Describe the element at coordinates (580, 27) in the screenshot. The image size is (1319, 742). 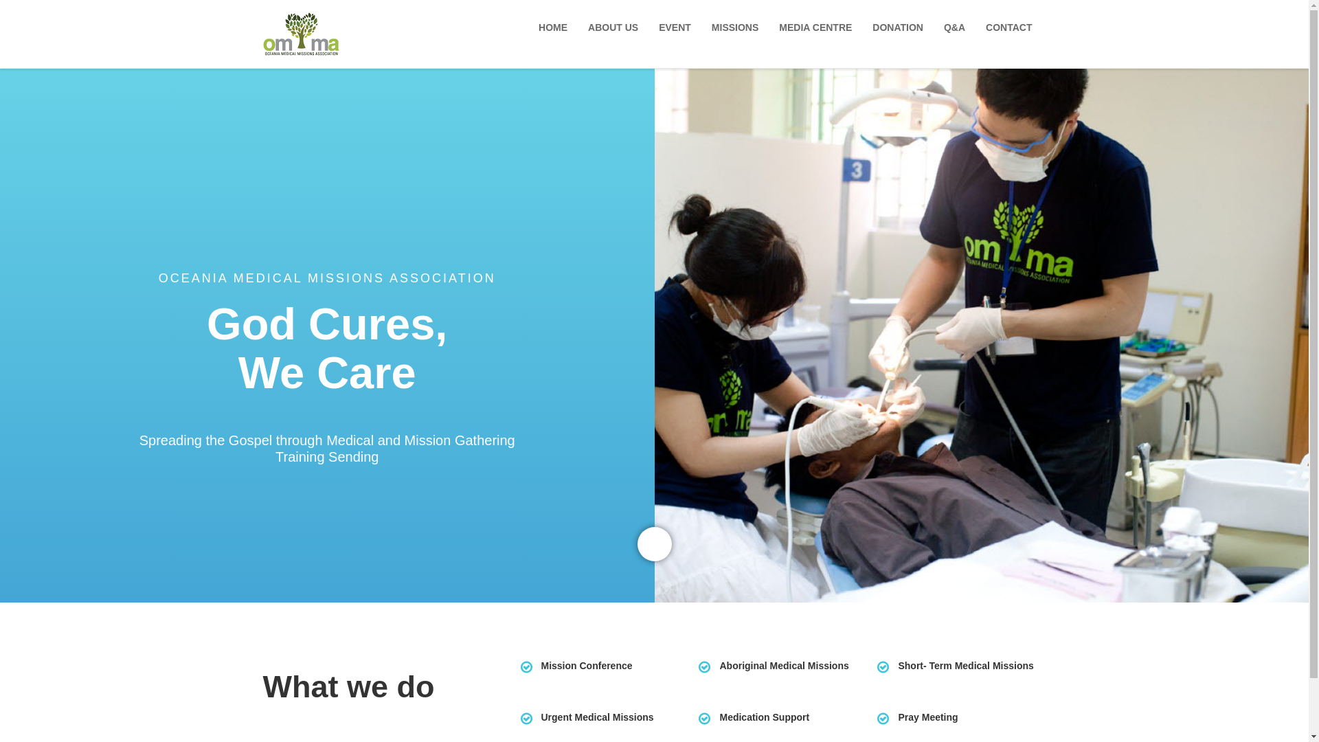
I see `'ABOUT US'` at that location.